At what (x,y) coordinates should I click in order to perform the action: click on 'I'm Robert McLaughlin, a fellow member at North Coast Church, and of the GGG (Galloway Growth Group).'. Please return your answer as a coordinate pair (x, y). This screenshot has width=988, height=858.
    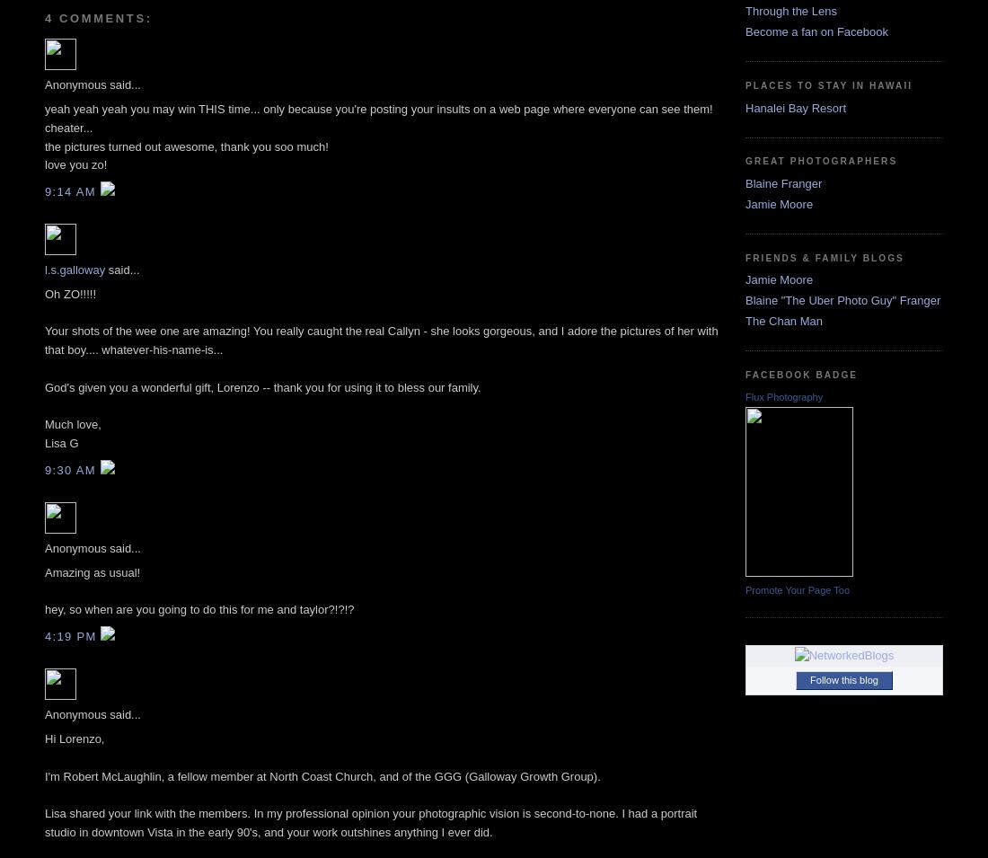
    Looking at the image, I should click on (322, 775).